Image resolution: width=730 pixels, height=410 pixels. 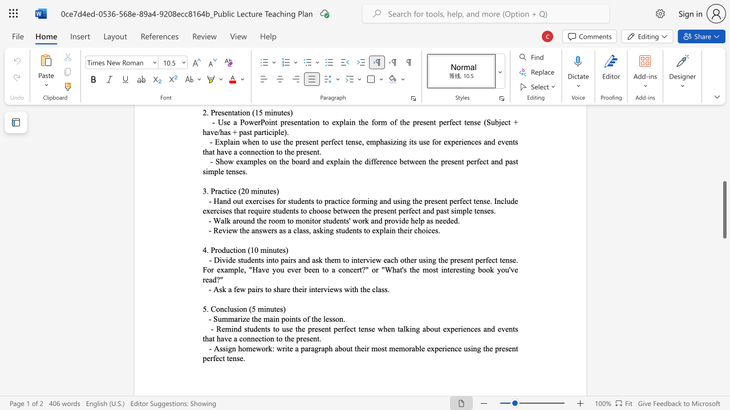 What do you see at coordinates (287, 319) in the screenshot?
I see `the 1th character "o" in the text` at bounding box center [287, 319].